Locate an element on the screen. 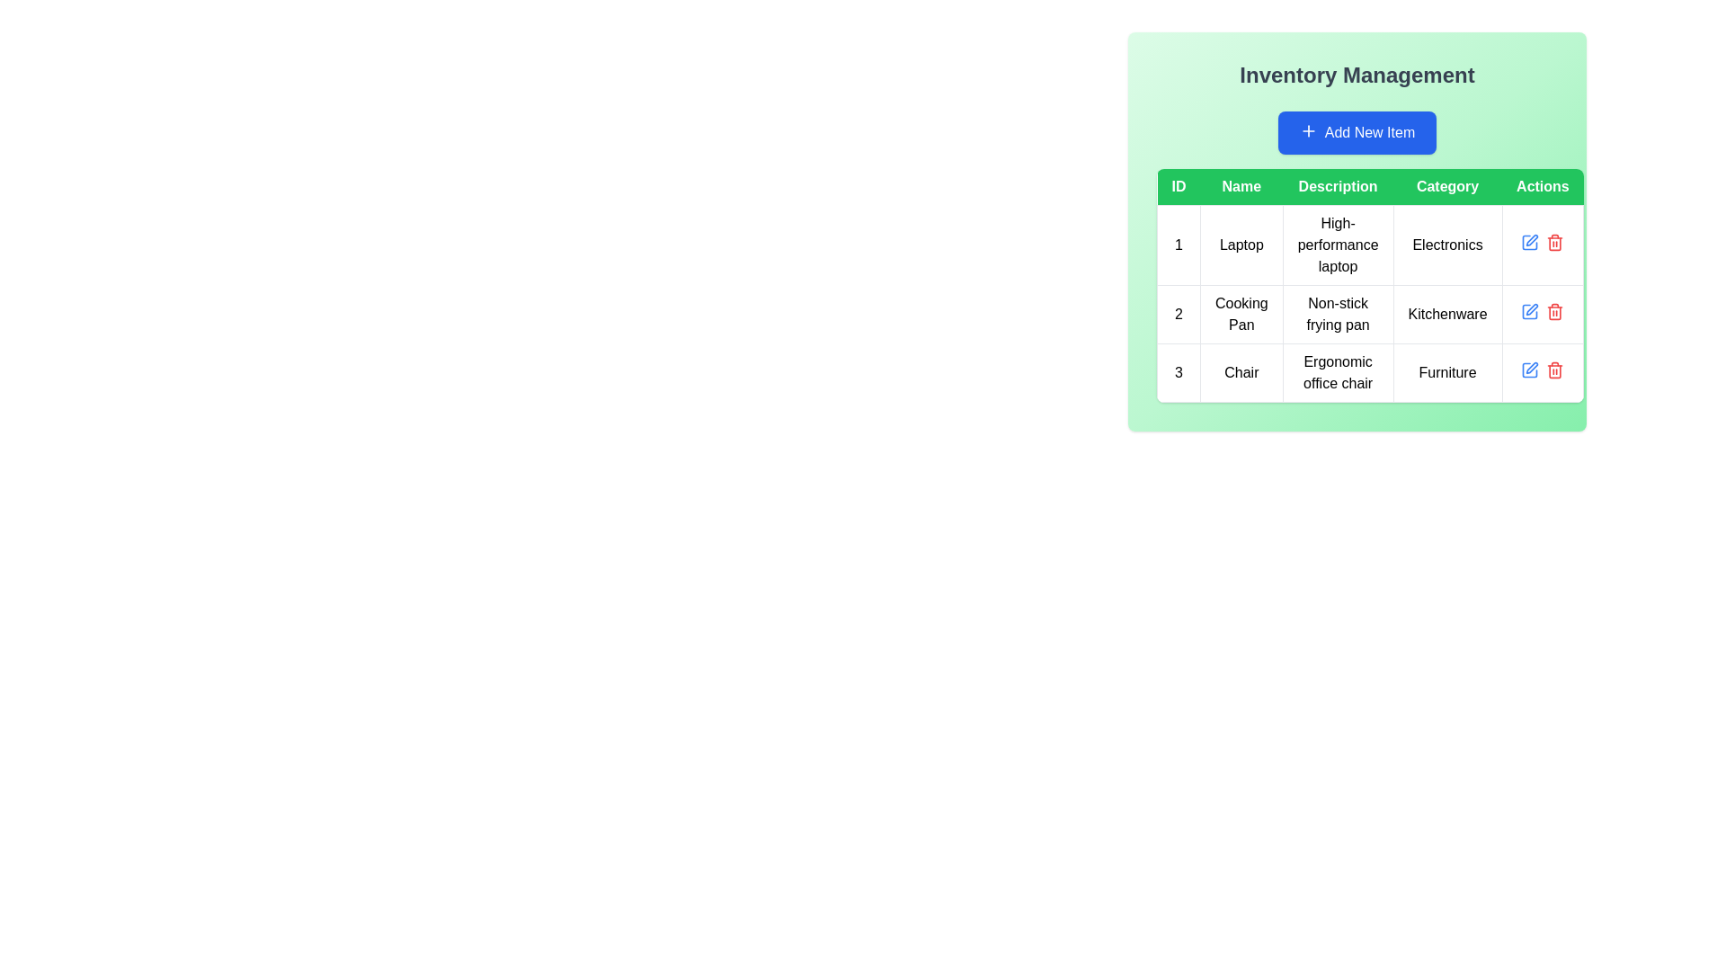  the editing icon resembling a pen in the third row of the 'Actions' column for the 'Chair' entry to initiate editing is located at coordinates (1531, 238).